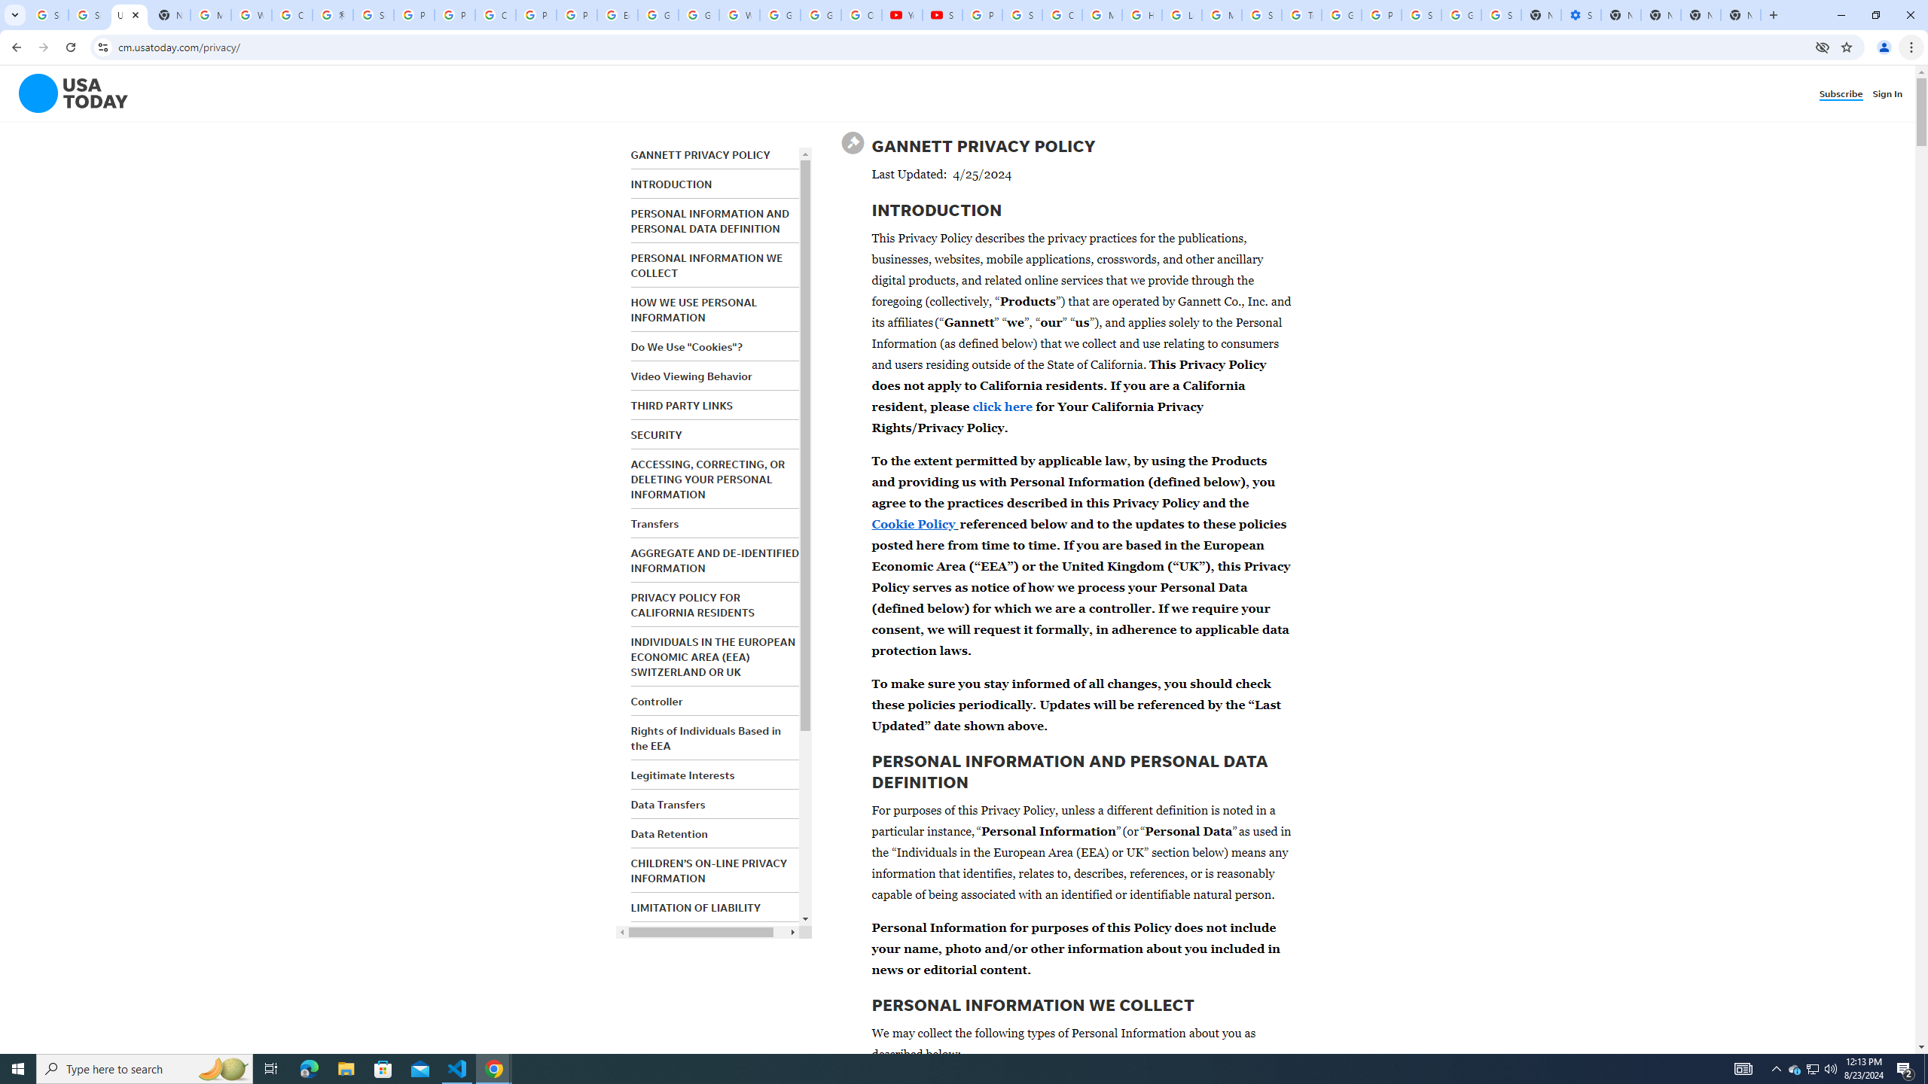 Image resolution: width=1928 pixels, height=1084 pixels. What do you see at coordinates (657, 14) in the screenshot?
I see `'Google Slides: Sign-in'` at bounding box center [657, 14].